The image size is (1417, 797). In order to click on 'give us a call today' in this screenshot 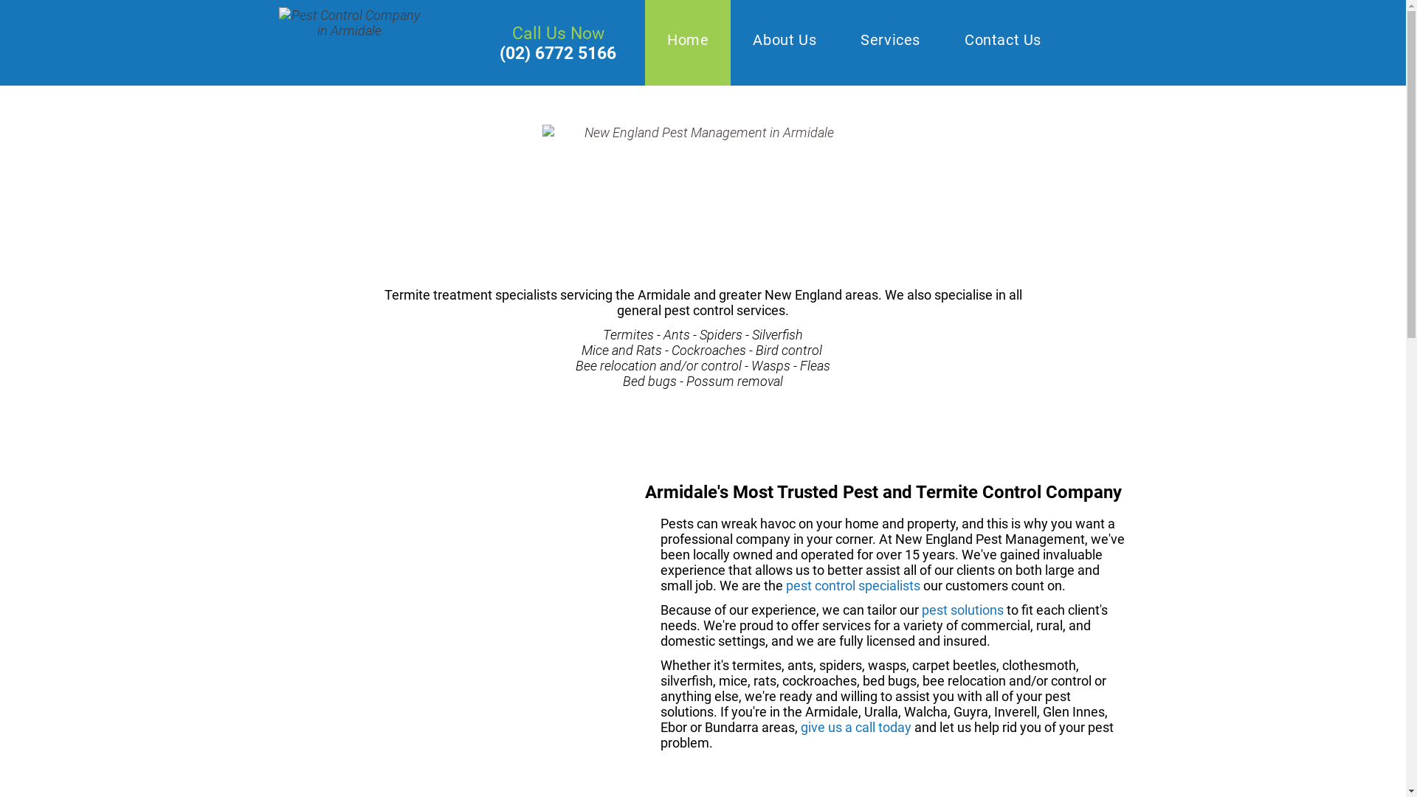, I will do `click(856, 726)`.